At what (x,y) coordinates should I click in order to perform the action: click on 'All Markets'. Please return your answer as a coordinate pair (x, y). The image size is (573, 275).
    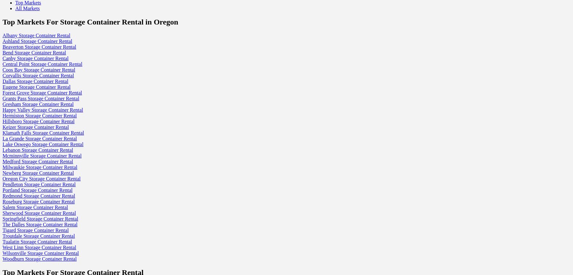
    Looking at the image, I should click on (27, 8).